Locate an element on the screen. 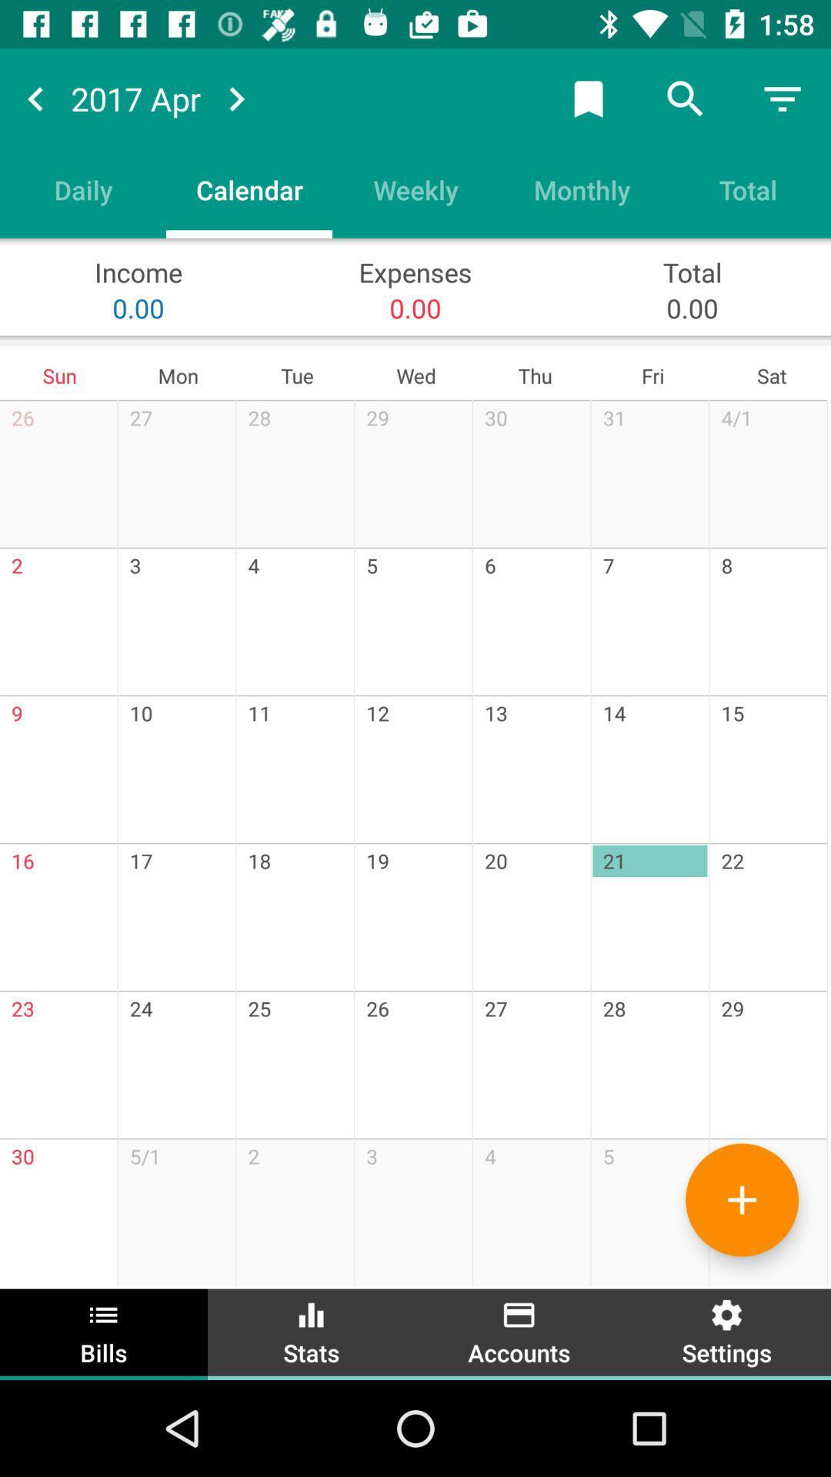  item next to calendar icon is located at coordinates (415, 188).